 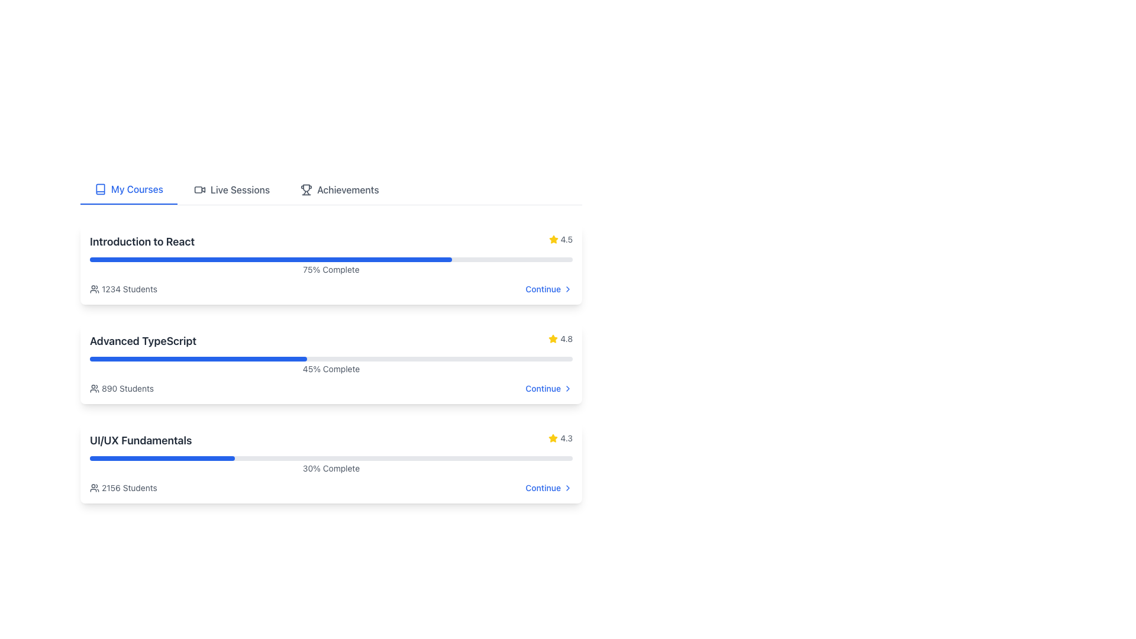 What do you see at coordinates (240, 189) in the screenshot?
I see `the 'Live Sessions' text label within the navigation bar` at bounding box center [240, 189].